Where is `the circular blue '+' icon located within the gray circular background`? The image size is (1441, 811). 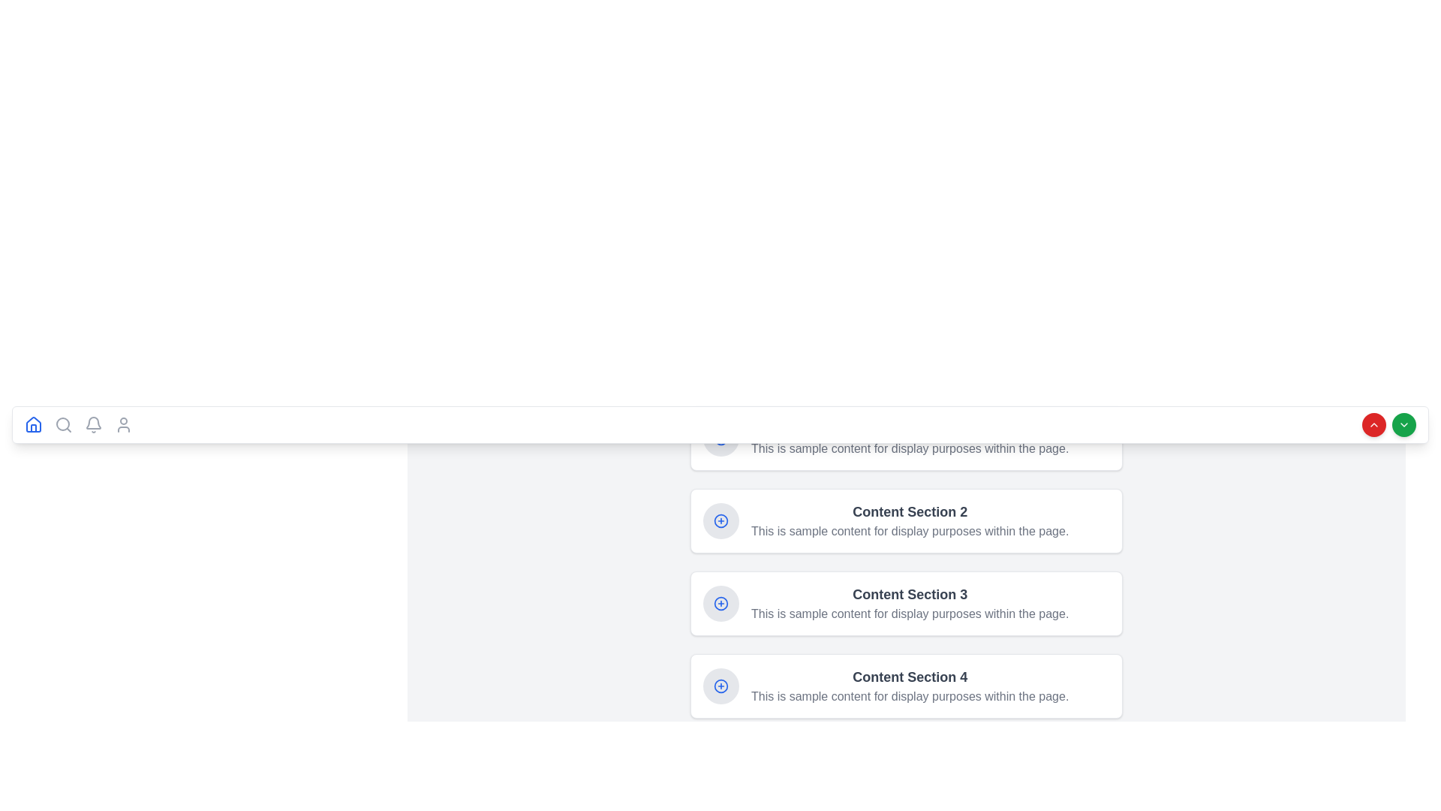 the circular blue '+' icon located within the gray circular background is located at coordinates (720, 602).